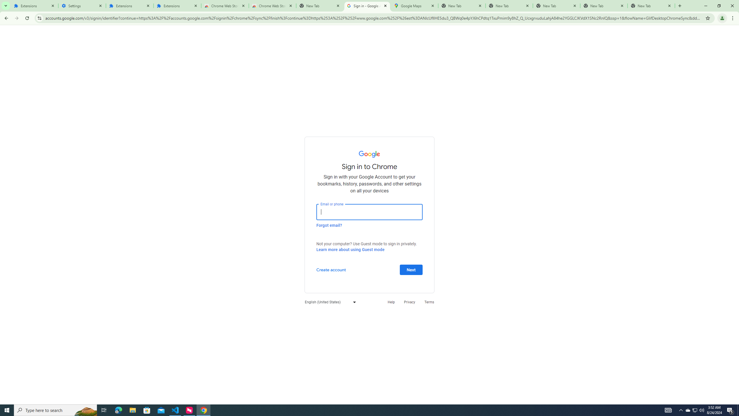 The height and width of the screenshot is (416, 739). What do you see at coordinates (272, 5) in the screenshot?
I see `'Chrome Web Store - Themes'` at bounding box center [272, 5].